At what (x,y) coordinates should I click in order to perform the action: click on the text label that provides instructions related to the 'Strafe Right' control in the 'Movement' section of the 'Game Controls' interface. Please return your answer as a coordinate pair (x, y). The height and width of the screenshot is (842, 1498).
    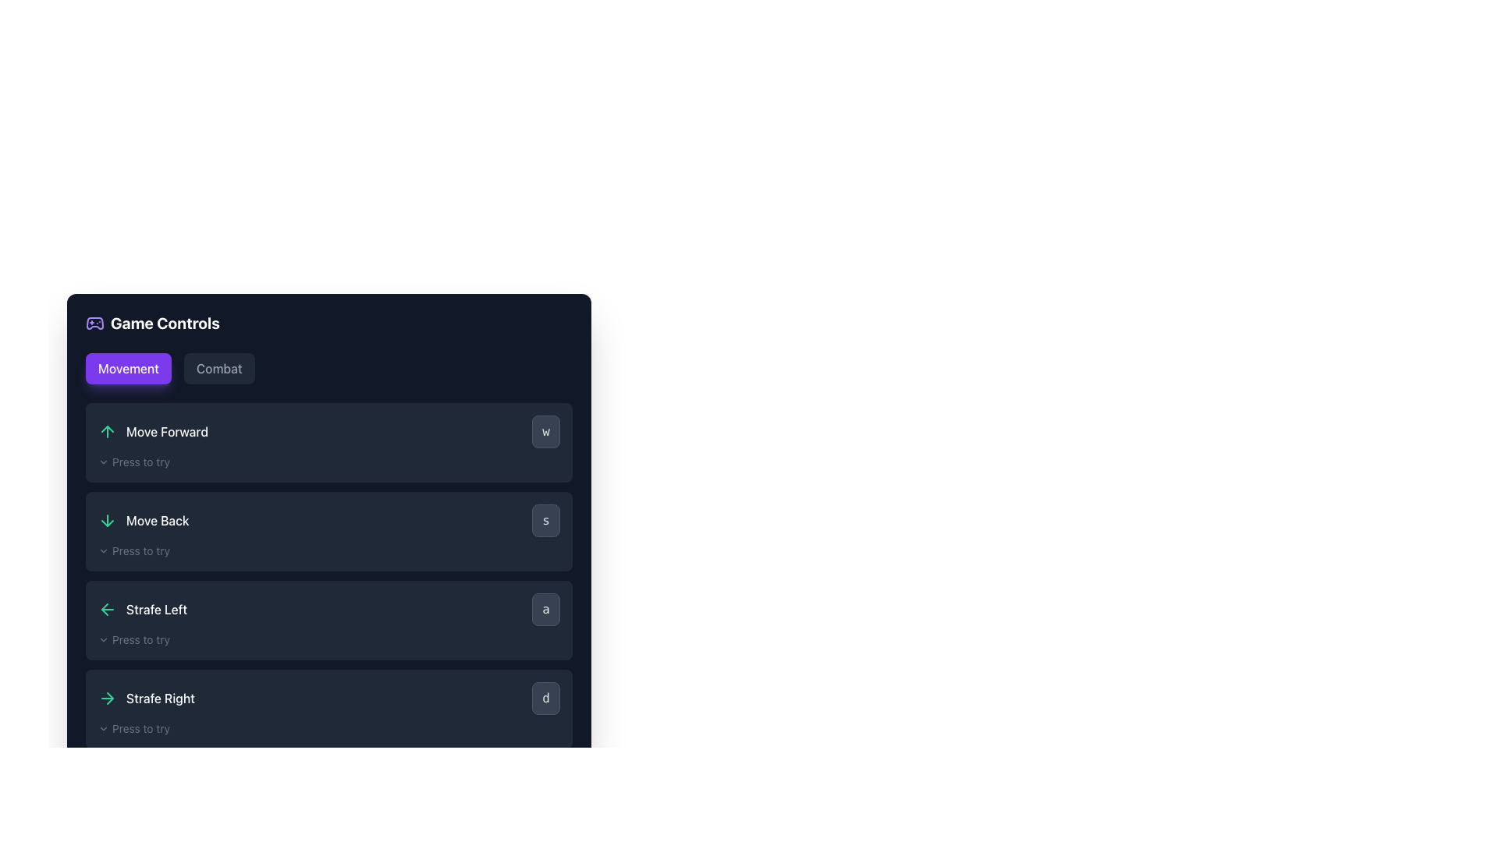
    Looking at the image, I should click on (141, 728).